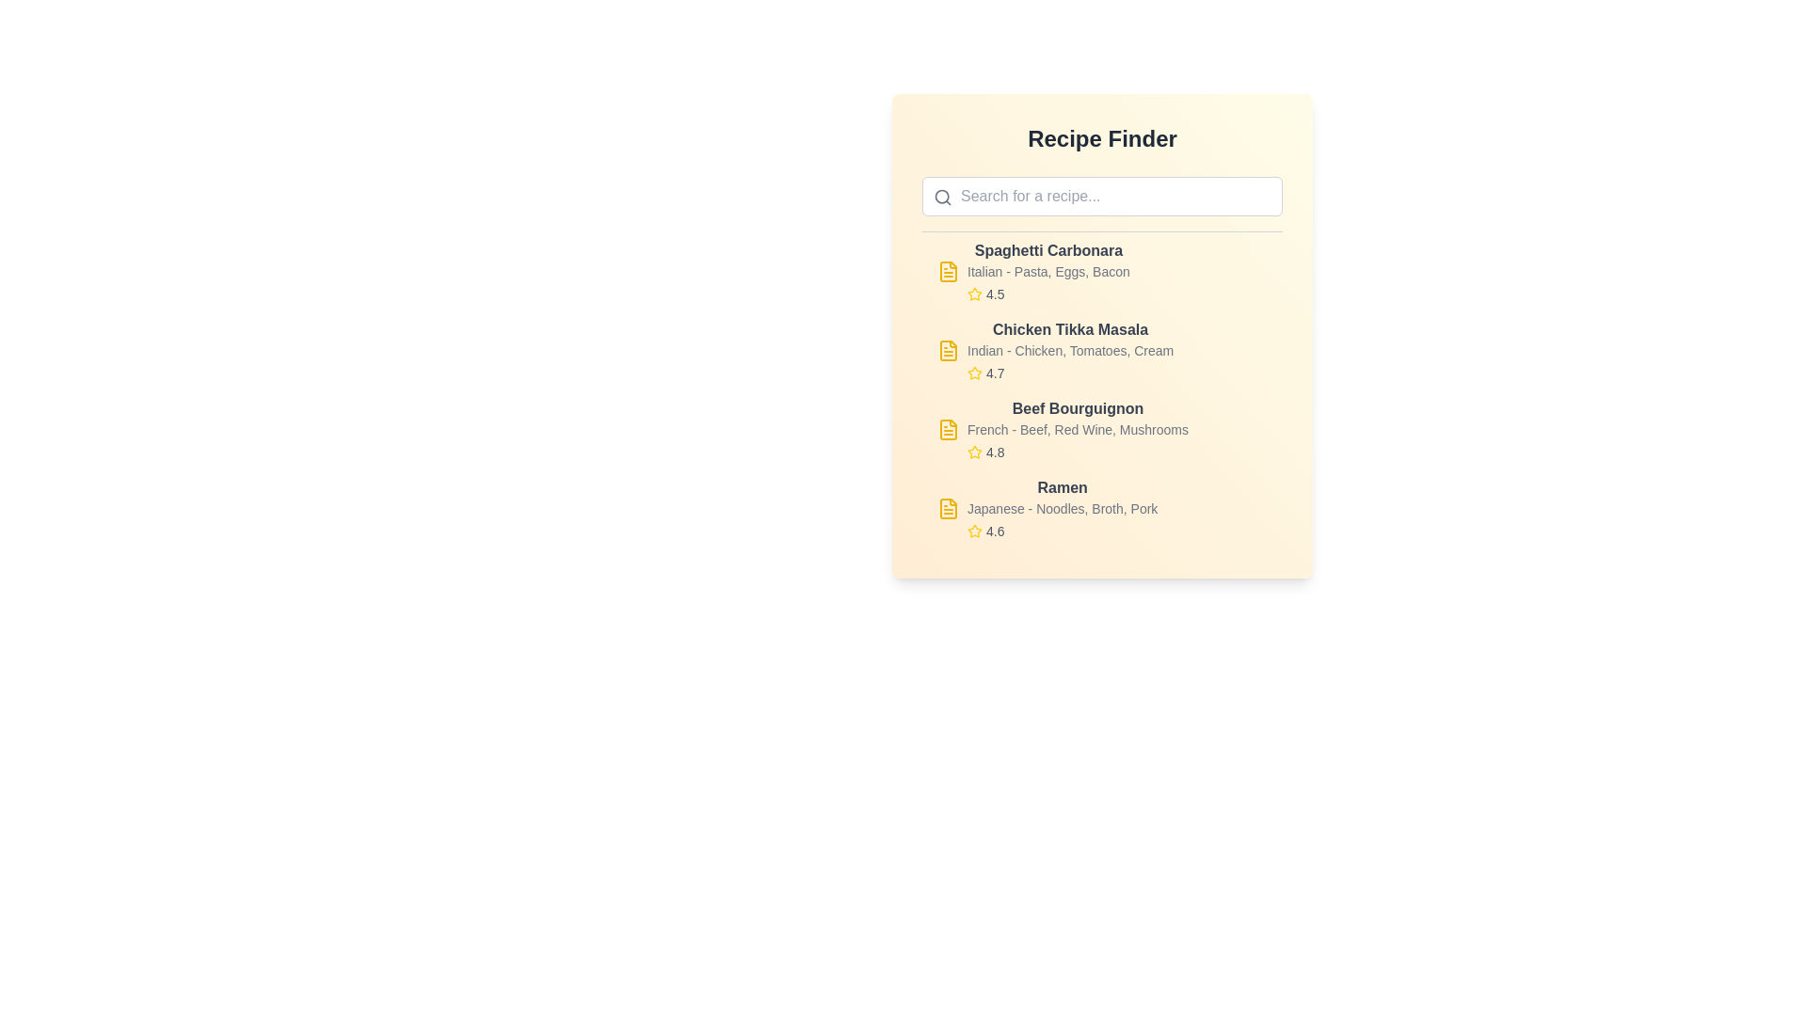 The image size is (1807, 1016). I want to click on the text block displaying the recipe 'Beef Bourguignon' to emphasize it, so click(1078, 429).